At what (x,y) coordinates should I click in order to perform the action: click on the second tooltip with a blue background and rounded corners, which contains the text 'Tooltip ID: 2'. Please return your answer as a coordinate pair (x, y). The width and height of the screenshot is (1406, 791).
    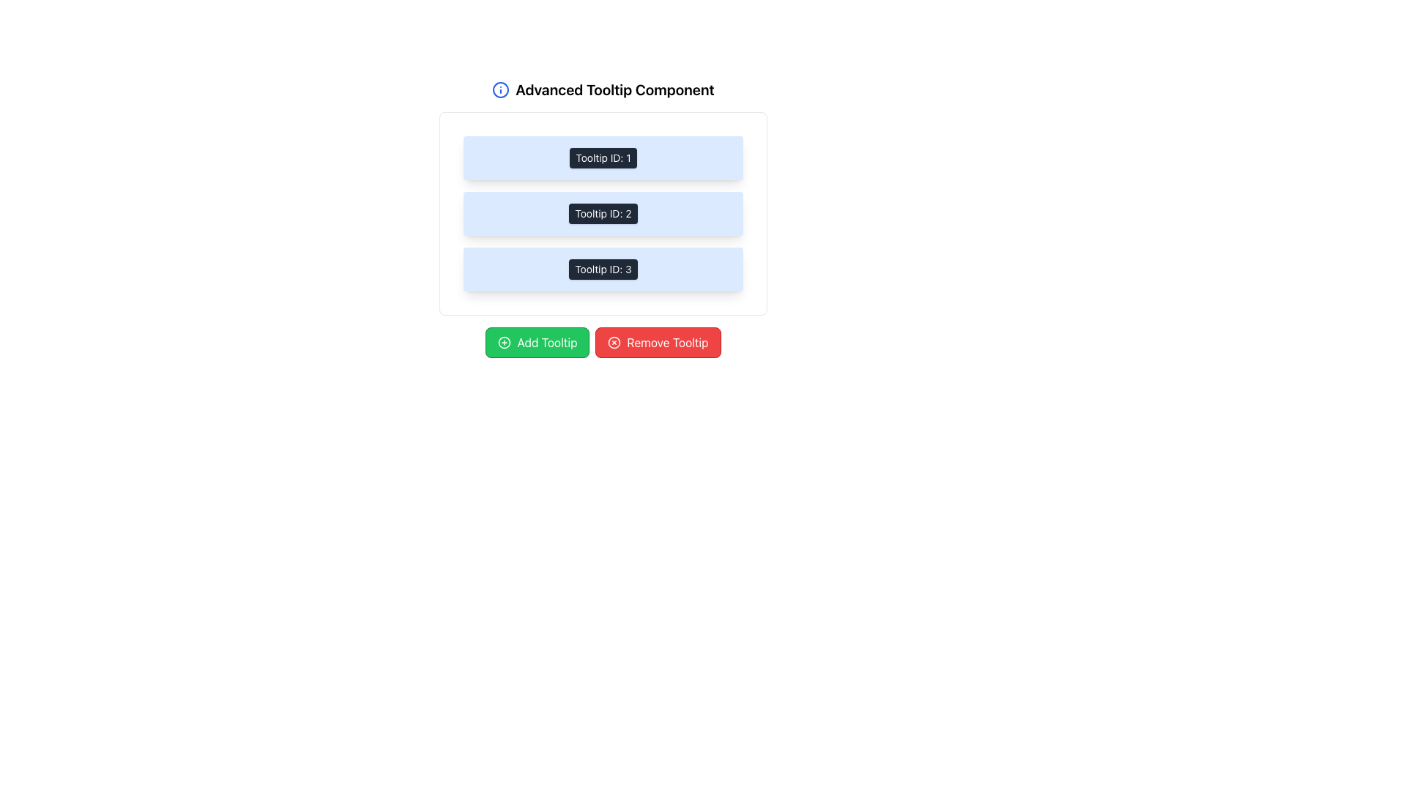
    Looking at the image, I should click on (603, 214).